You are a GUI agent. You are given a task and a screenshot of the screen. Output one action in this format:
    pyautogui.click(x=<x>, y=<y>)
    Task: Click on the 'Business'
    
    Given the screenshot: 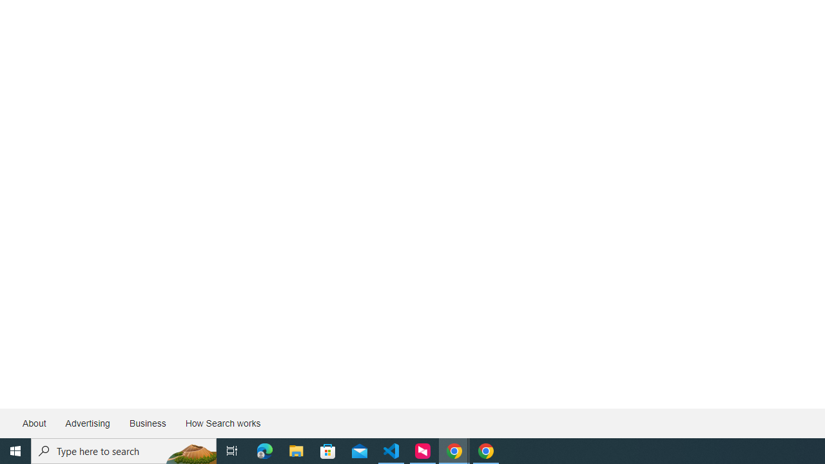 What is the action you would take?
    pyautogui.click(x=148, y=423)
    